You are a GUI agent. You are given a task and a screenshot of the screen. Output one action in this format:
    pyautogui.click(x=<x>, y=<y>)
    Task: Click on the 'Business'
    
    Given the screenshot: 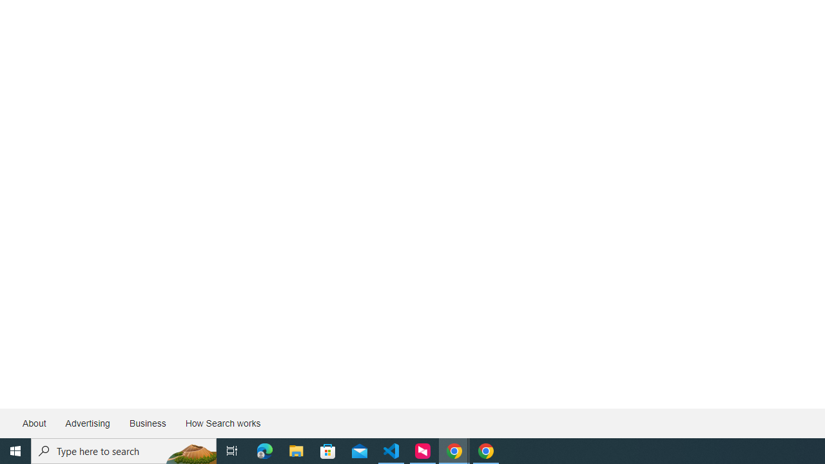 What is the action you would take?
    pyautogui.click(x=148, y=423)
    